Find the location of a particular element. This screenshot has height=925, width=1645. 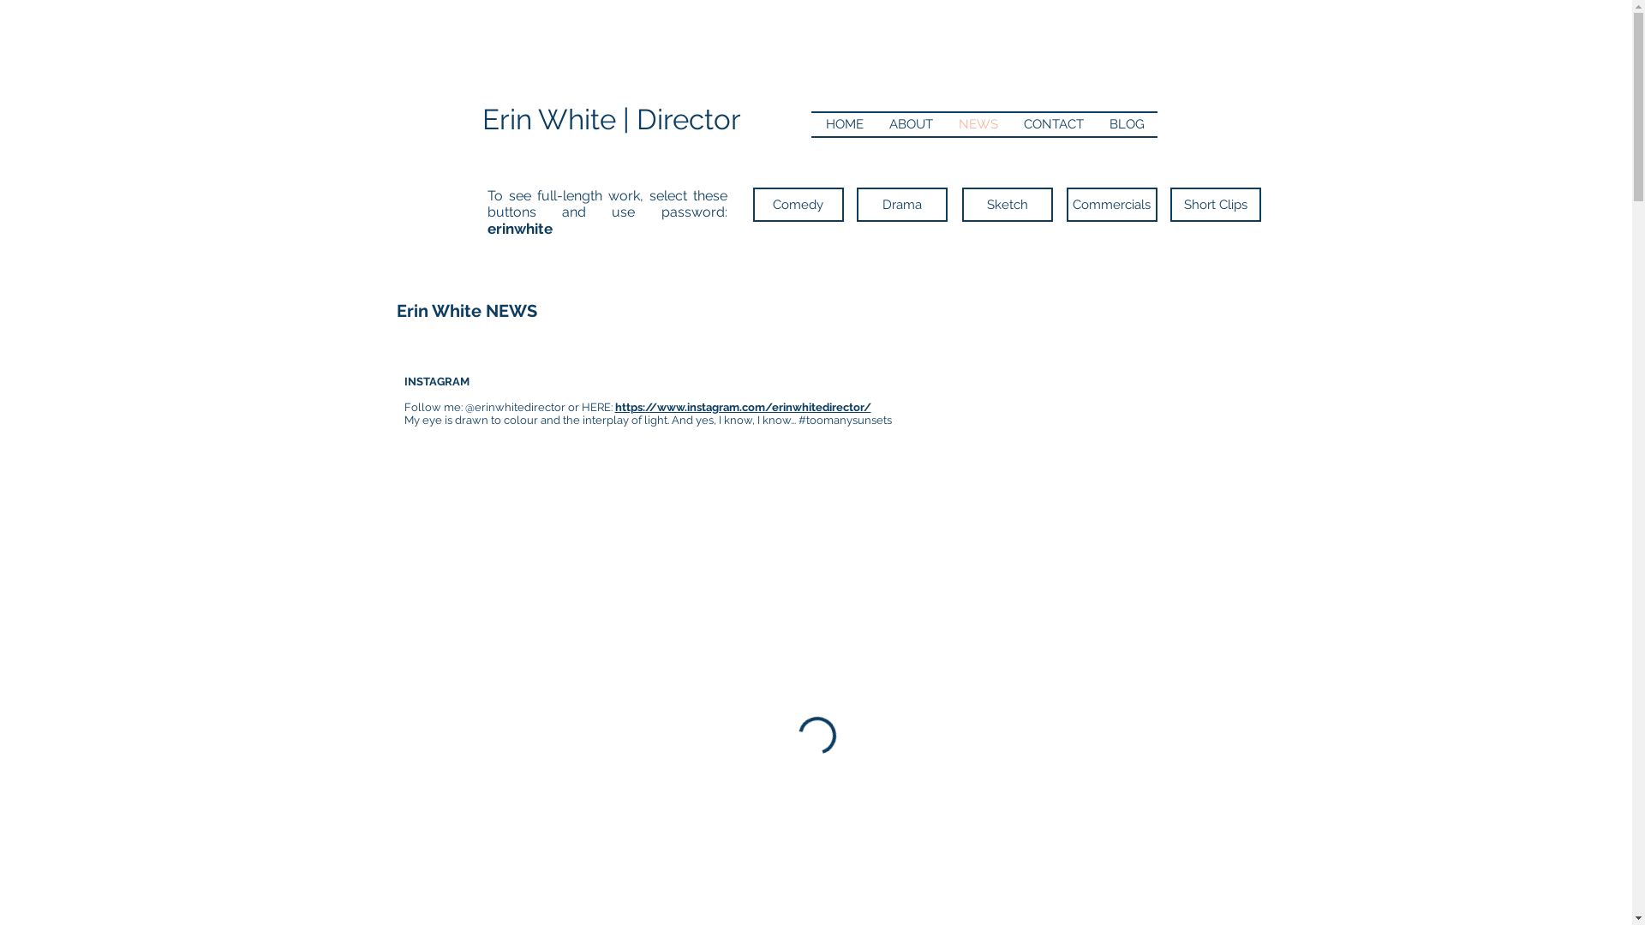

'HOME' is located at coordinates (843, 123).